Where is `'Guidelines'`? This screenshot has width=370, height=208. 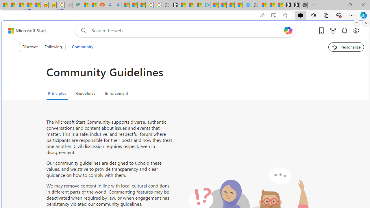
'Guidelines' is located at coordinates (85, 93).